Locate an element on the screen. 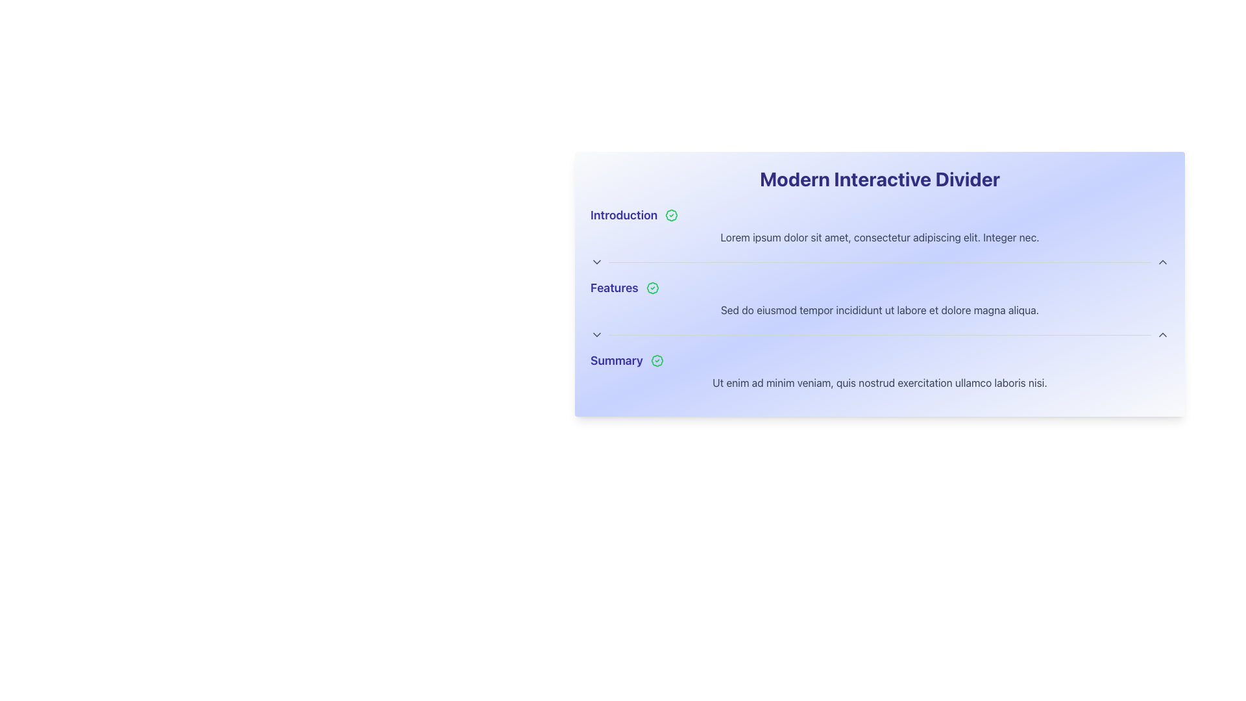 This screenshot has width=1246, height=701. the text label displaying 'Introduction', styled in large bold indigo font, to trigger associated styles or tooltips is located at coordinates (624, 214).